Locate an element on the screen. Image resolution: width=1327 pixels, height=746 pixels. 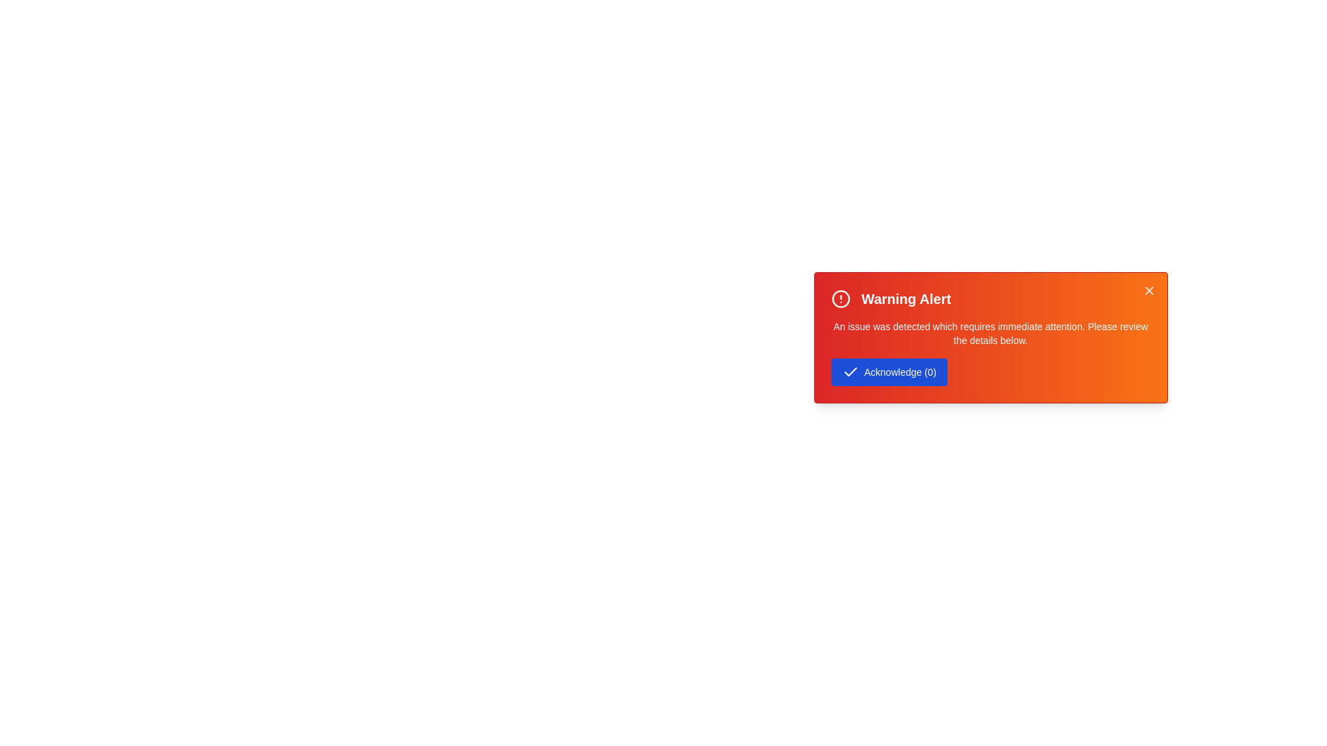
the close button to dismiss the alert is located at coordinates (1149, 289).